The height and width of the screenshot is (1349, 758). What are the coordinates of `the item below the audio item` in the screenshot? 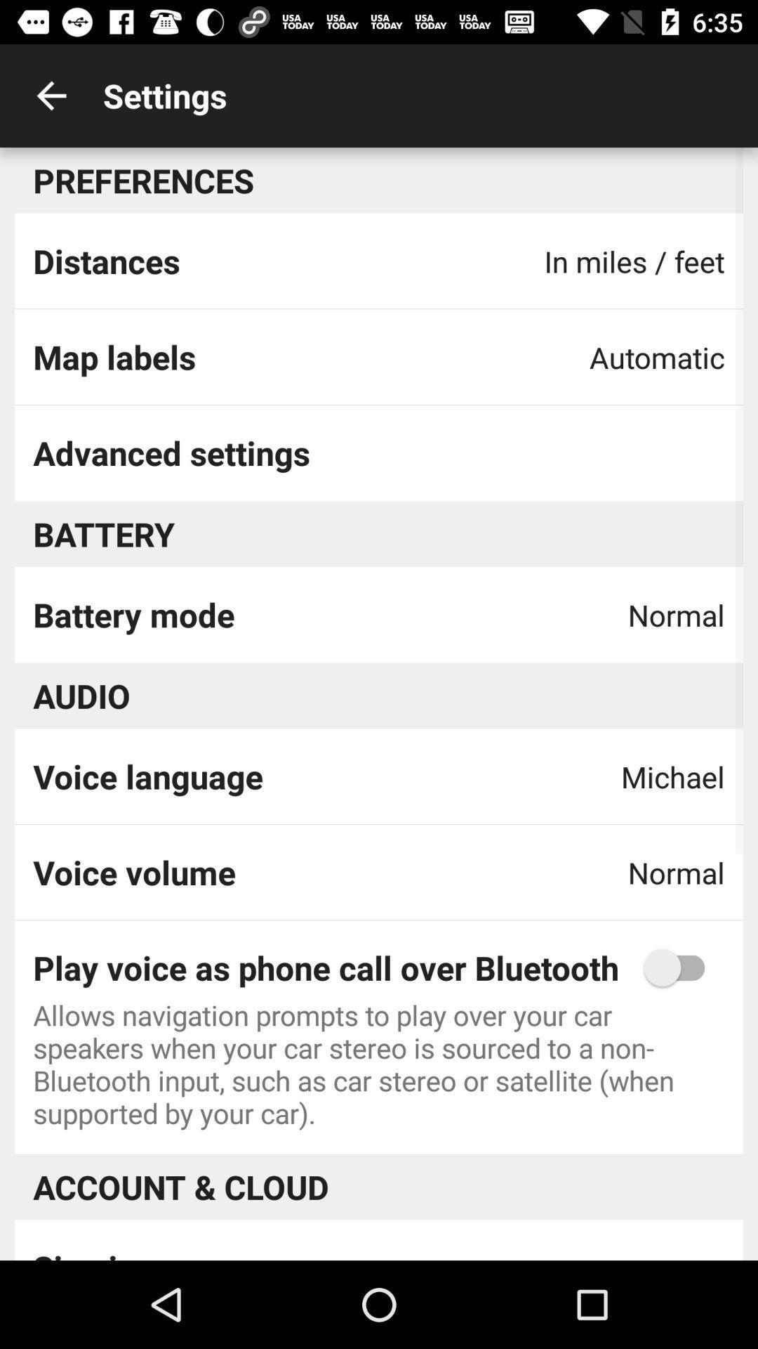 It's located at (148, 776).